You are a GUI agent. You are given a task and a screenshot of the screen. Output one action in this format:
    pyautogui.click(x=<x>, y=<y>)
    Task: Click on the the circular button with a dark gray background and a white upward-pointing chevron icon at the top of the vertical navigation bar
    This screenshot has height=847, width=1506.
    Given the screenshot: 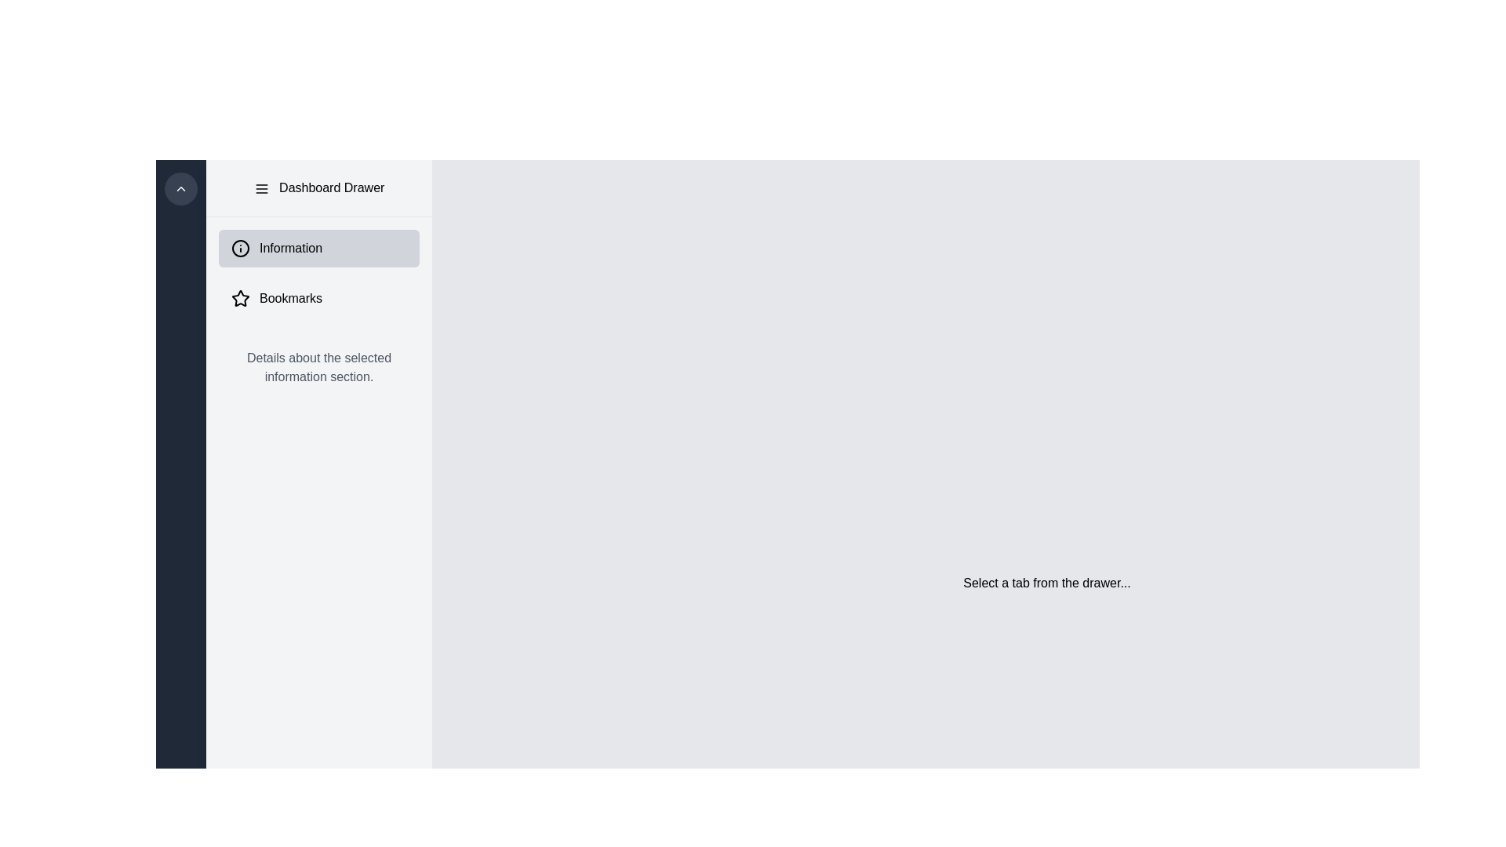 What is the action you would take?
    pyautogui.click(x=180, y=187)
    